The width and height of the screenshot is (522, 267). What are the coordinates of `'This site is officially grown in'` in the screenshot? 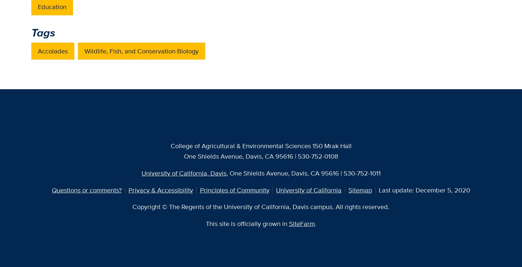 It's located at (247, 223).